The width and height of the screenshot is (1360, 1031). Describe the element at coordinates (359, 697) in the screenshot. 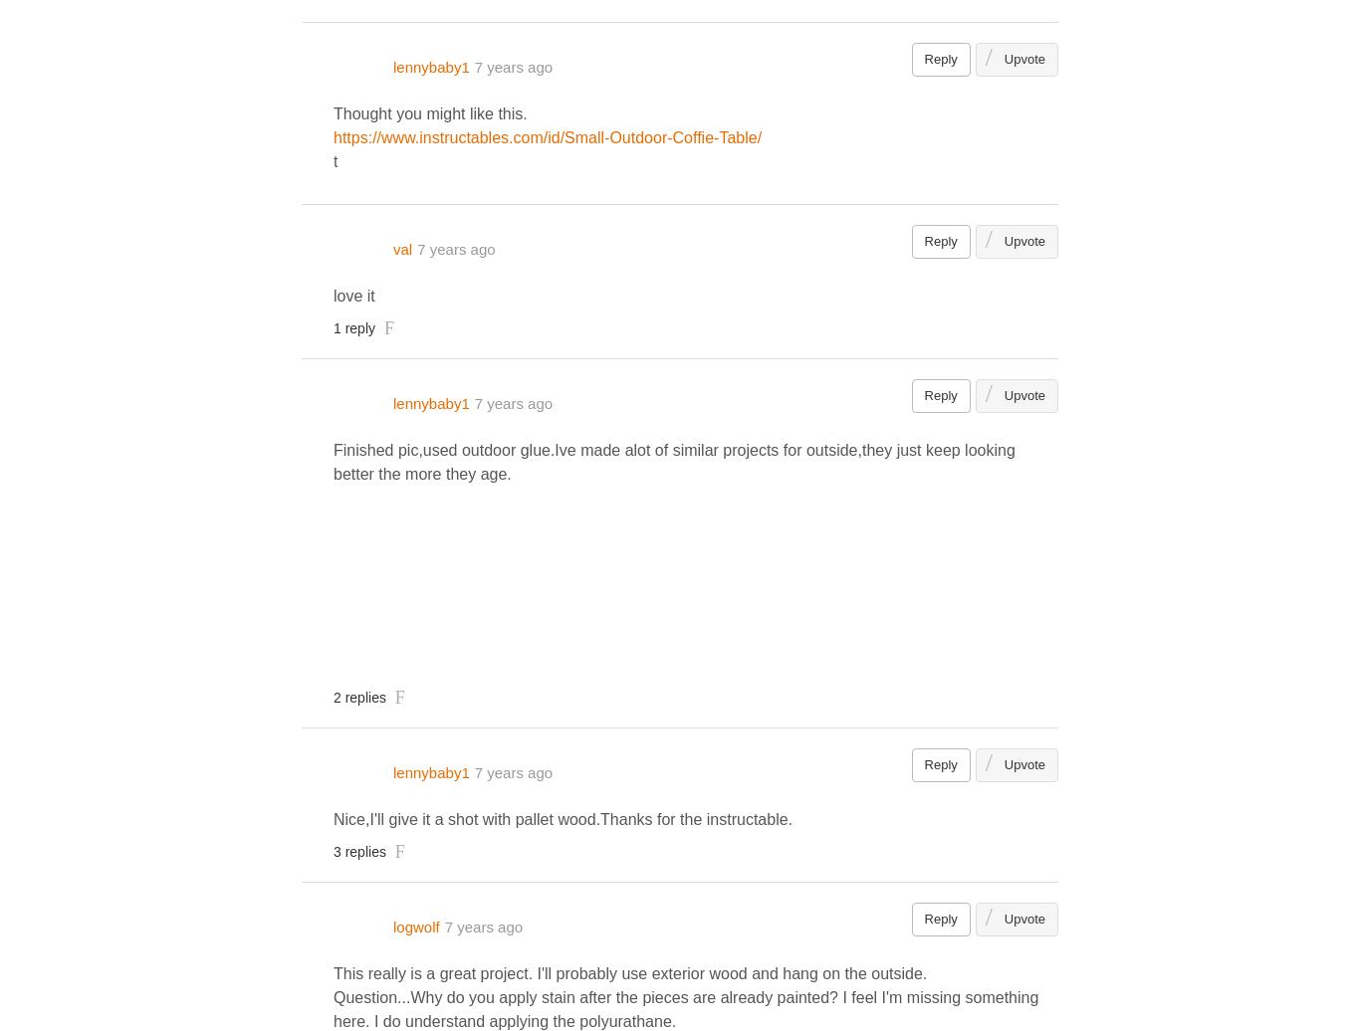

I see `'2
            
                replies'` at that location.